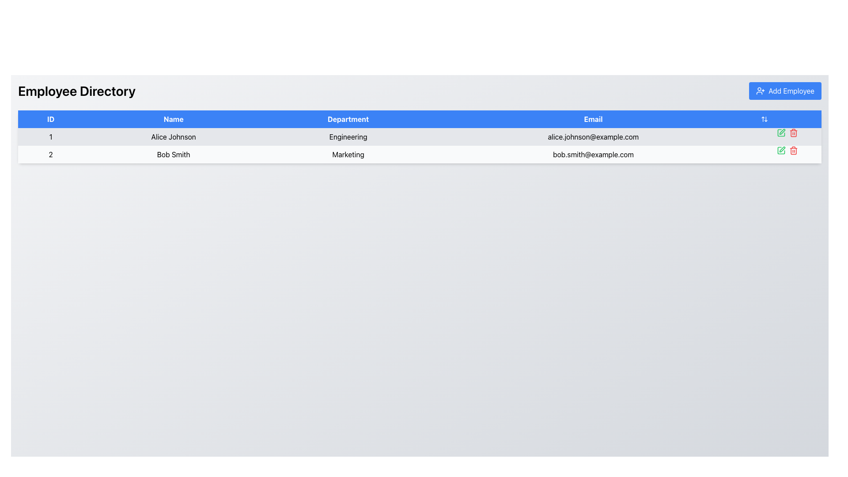 The width and height of the screenshot is (848, 477). What do you see at coordinates (348, 119) in the screenshot?
I see `the Text header column header indicating the department of the listed employees, positioned between 'Name' and 'Email' in the table structure` at bounding box center [348, 119].